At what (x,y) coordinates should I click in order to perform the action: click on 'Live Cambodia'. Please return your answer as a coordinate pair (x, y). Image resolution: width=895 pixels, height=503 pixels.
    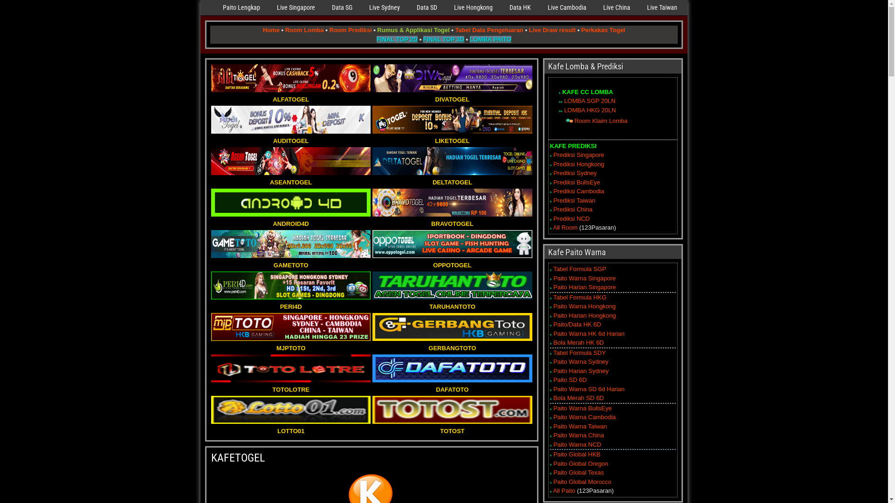
    Looking at the image, I should click on (539, 7).